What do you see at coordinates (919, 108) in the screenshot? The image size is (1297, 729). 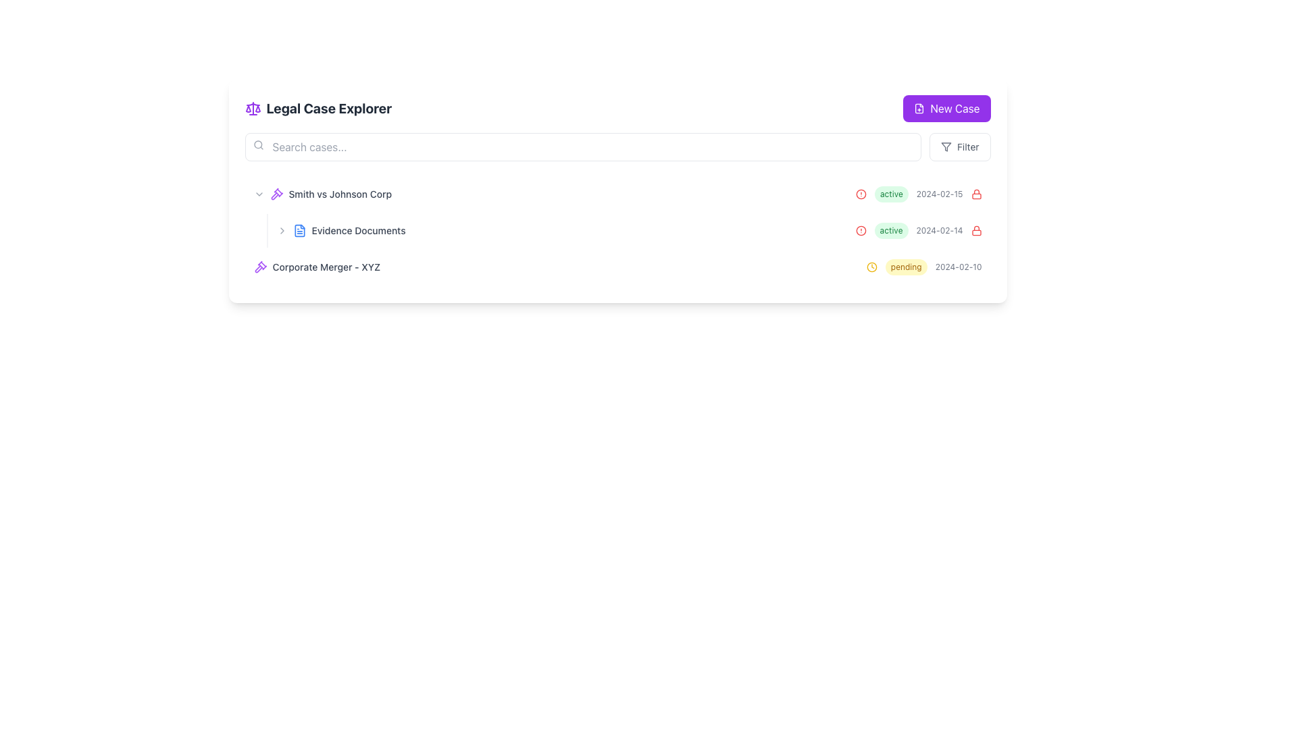 I see `the 'New Case' button that contains the document icon in the top-right corner of the interface` at bounding box center [919, 108].